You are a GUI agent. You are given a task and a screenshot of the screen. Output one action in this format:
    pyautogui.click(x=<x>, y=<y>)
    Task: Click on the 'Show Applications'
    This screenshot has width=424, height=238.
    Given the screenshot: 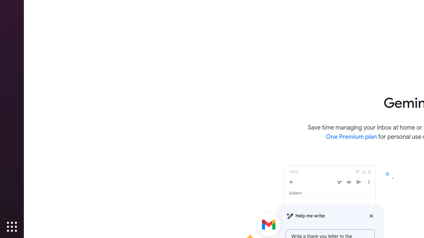 What is the action you would take?
    pyautogui.click(x=12, y=226)
    